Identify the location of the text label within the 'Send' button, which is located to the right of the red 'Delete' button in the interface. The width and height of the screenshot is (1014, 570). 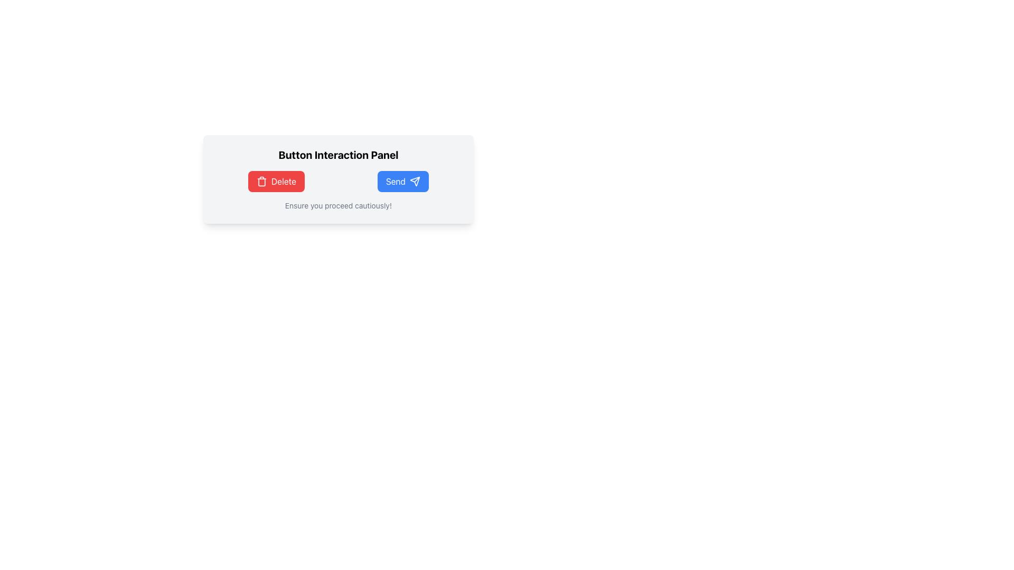
(395, 180).